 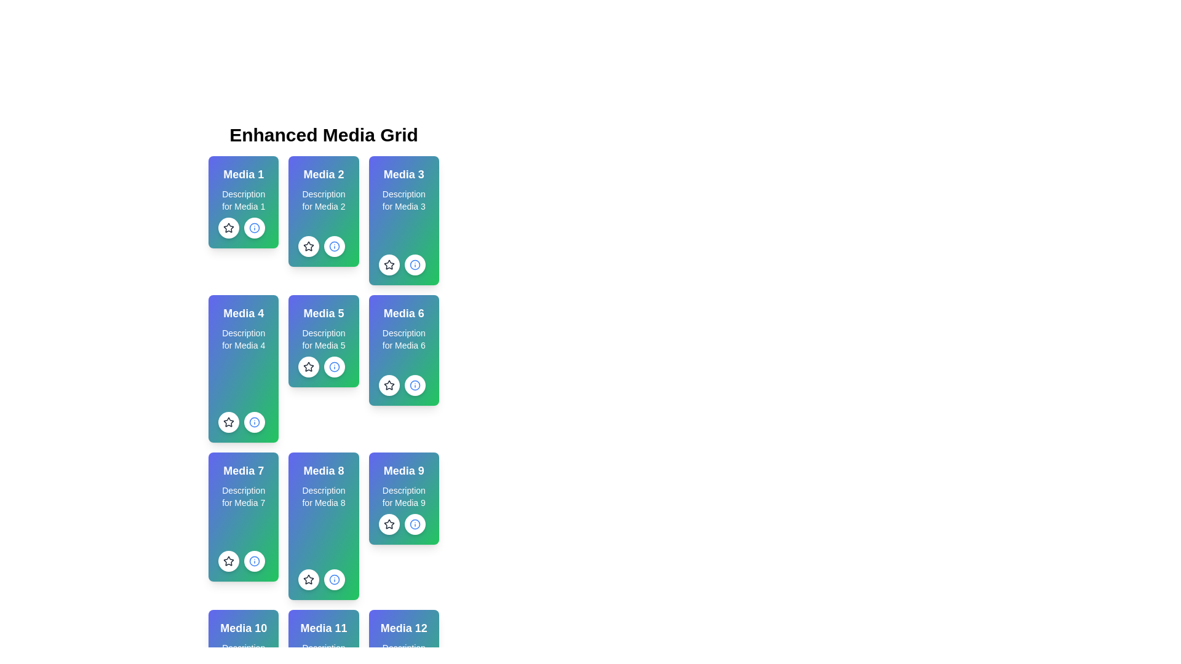 I want to click on the 'info' button located at the bottom right of the 'Media 6' card, so click(x=415, y=385).